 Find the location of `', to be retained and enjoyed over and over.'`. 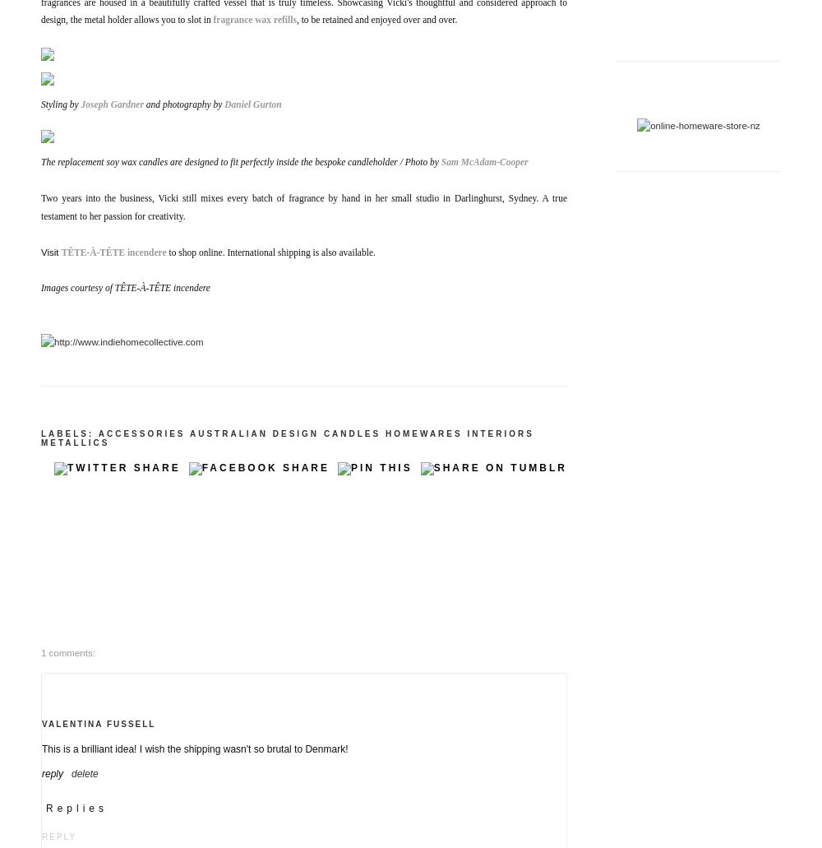

', to be retained and enjoyed over and over.' is located at coordinates (376, 20).